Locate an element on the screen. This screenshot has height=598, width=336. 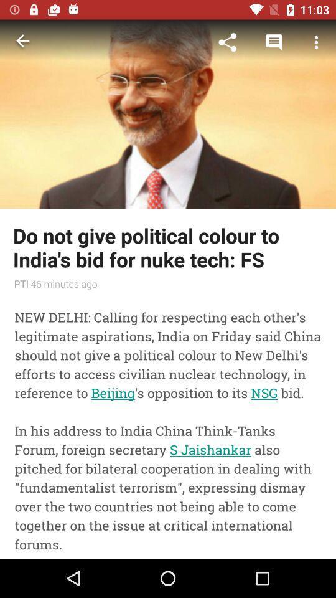
see picture is located at coordinates (168, 114).